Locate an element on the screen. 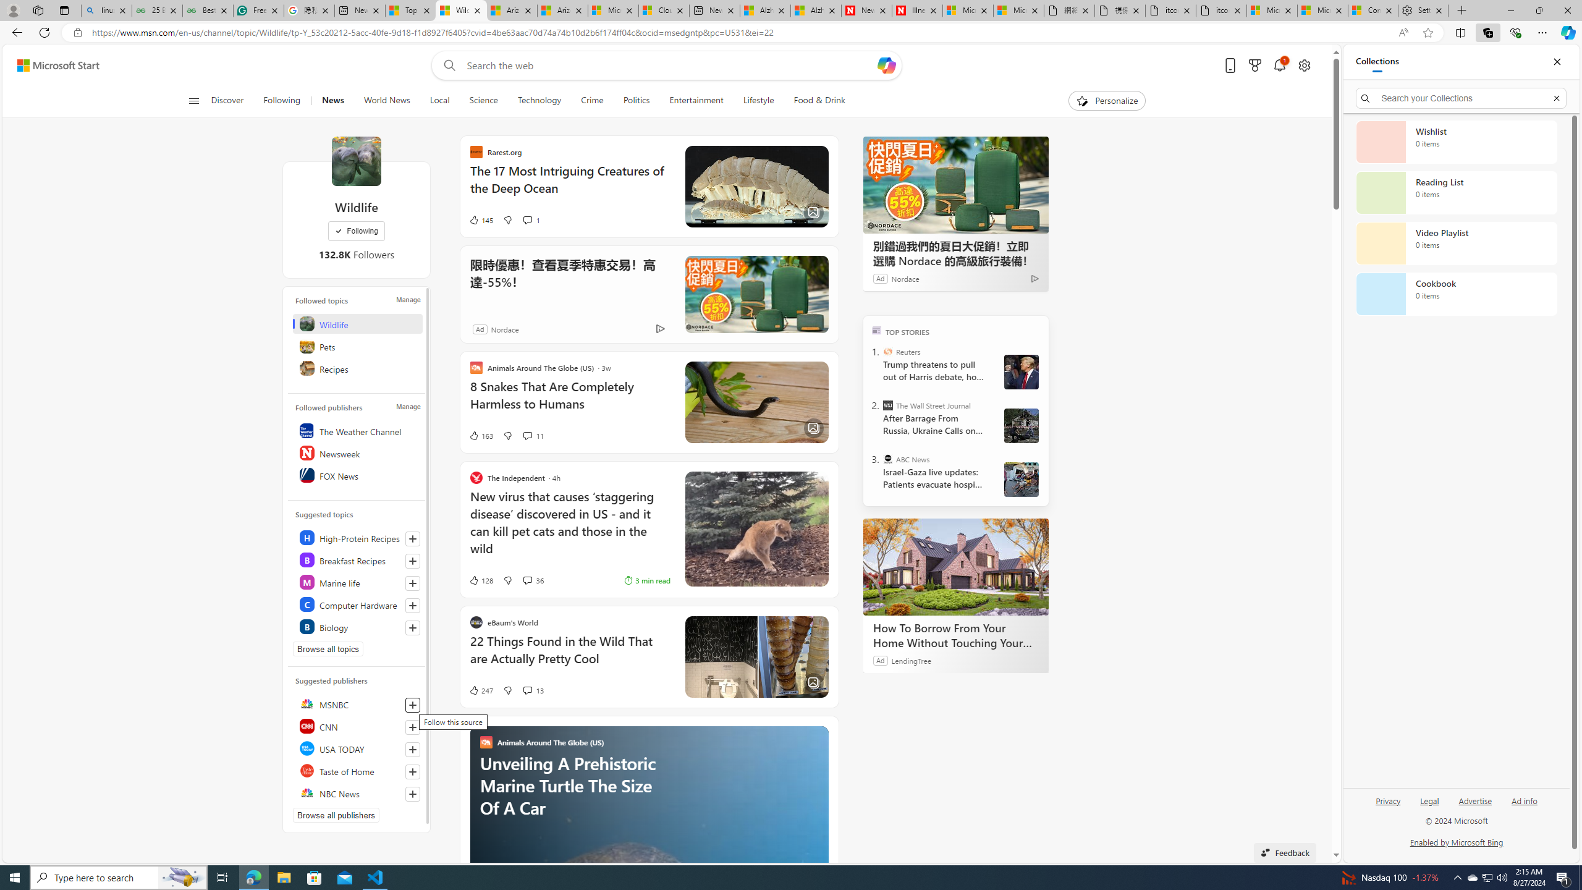 This screenshot has width=1582, height=890. 'Browse all topics' is located at coordinates (328, 648).